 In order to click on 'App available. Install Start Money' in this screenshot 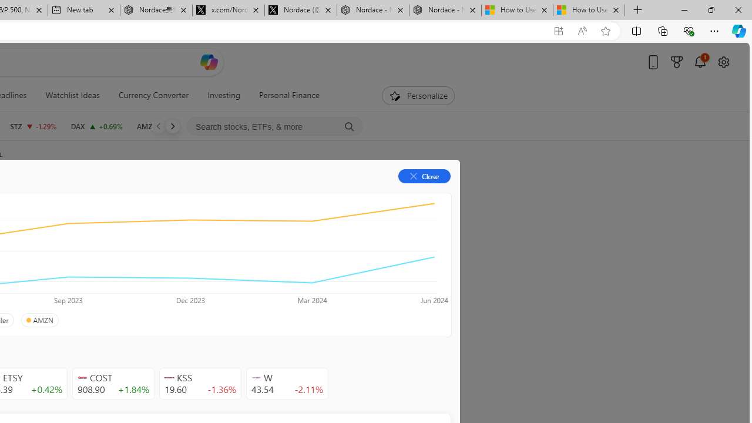, I will do `click(558, 31)`.